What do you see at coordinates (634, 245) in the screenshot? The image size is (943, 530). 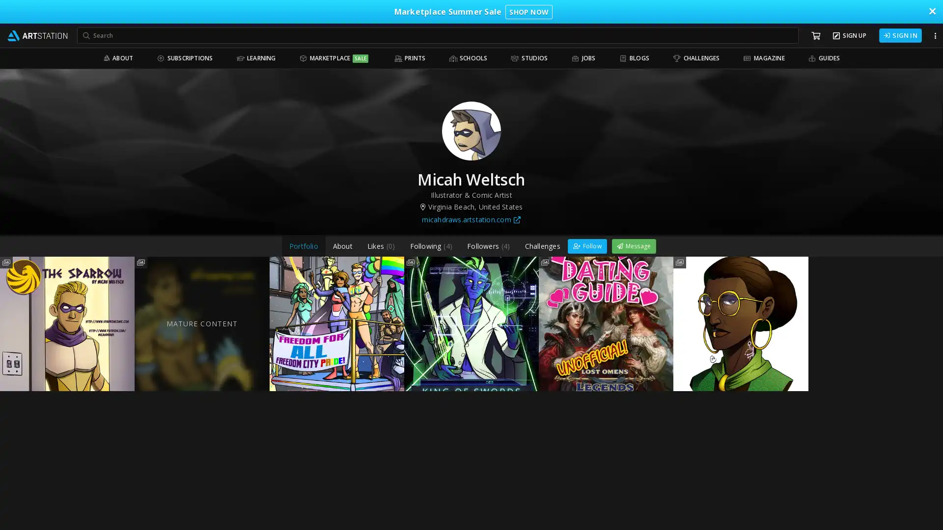 I see `Message` at bounding box center [634, 245].